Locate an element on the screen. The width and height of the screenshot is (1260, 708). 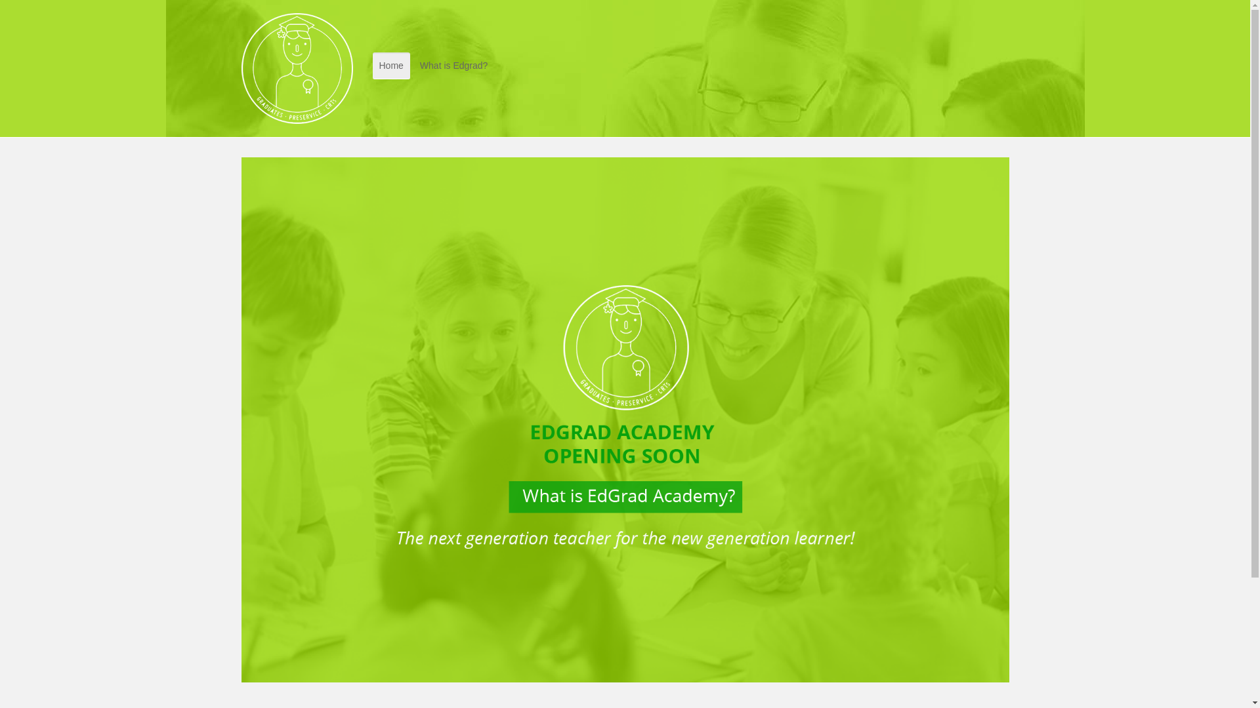
'What is Edgrad?' is located at coordinates (453, 66).